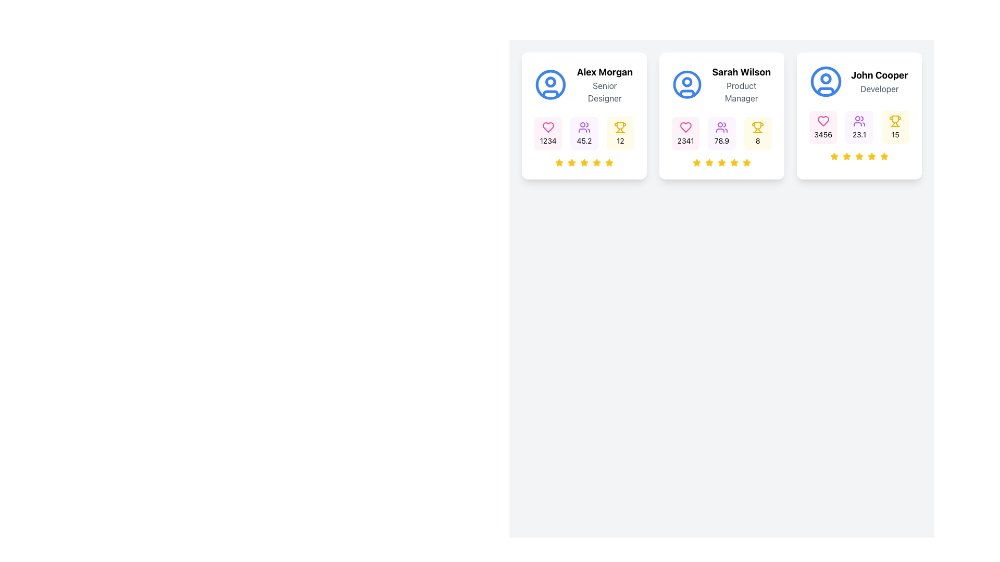 This screenshot has width=1000, height=562. What do you see at coordinates (550, 84) in the screenshot?
I see `blue-stroked SVG circle element that represents the user profile icon, located in the top-left card of the interface, to debug its design` at bounding box center [550, 84].